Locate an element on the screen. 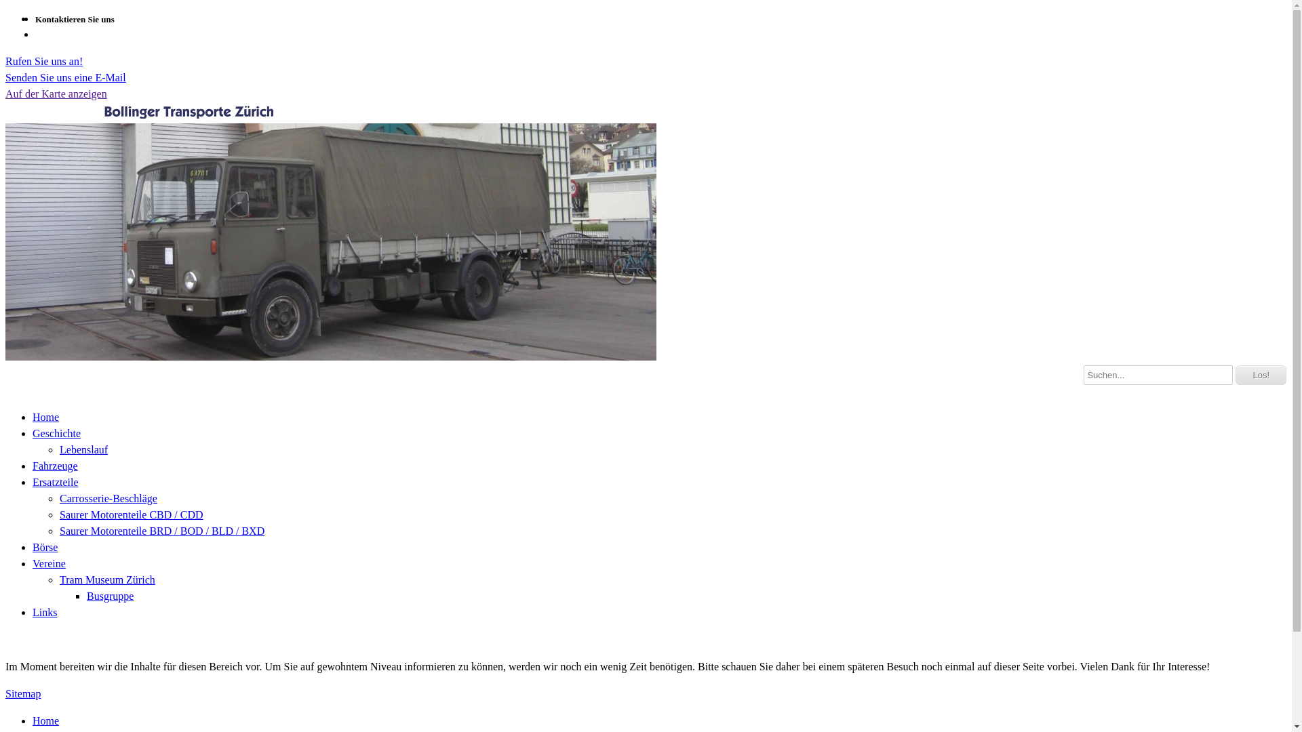  'Saurer Motorenteile CBD / CDD' is located at coordinates (58, 514).